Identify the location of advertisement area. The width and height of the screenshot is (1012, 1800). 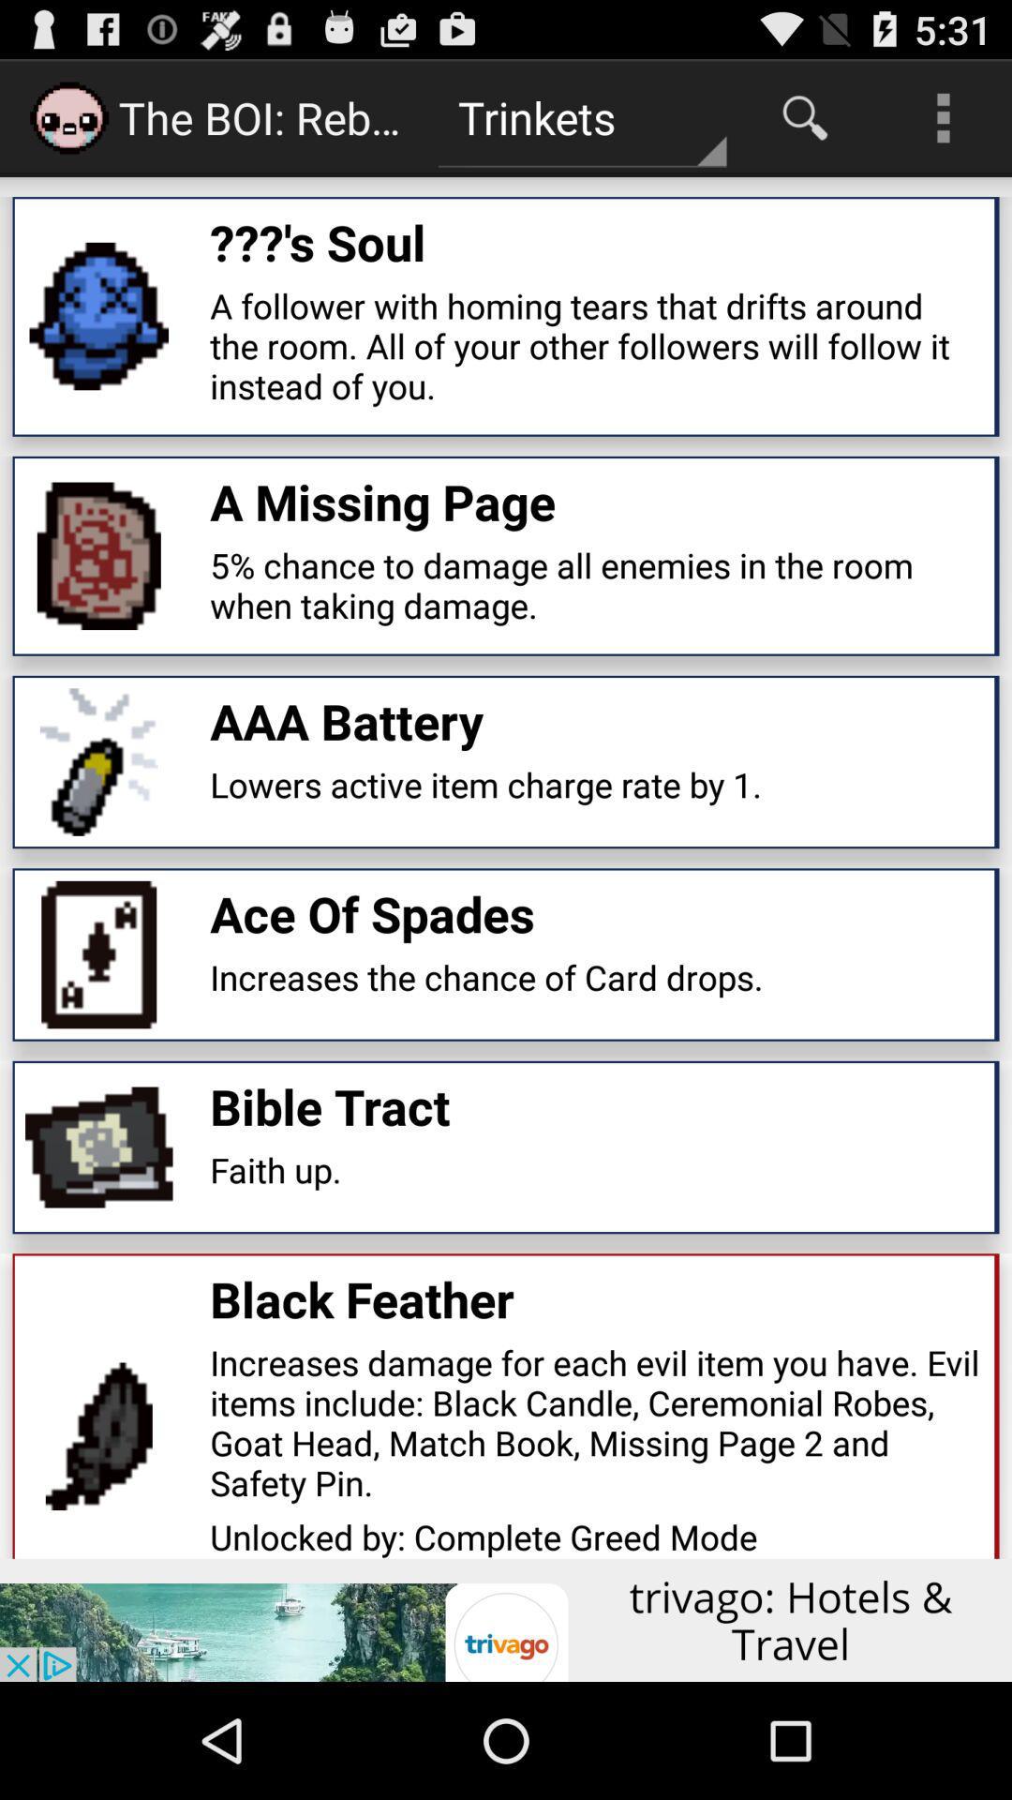
(506, 1619).